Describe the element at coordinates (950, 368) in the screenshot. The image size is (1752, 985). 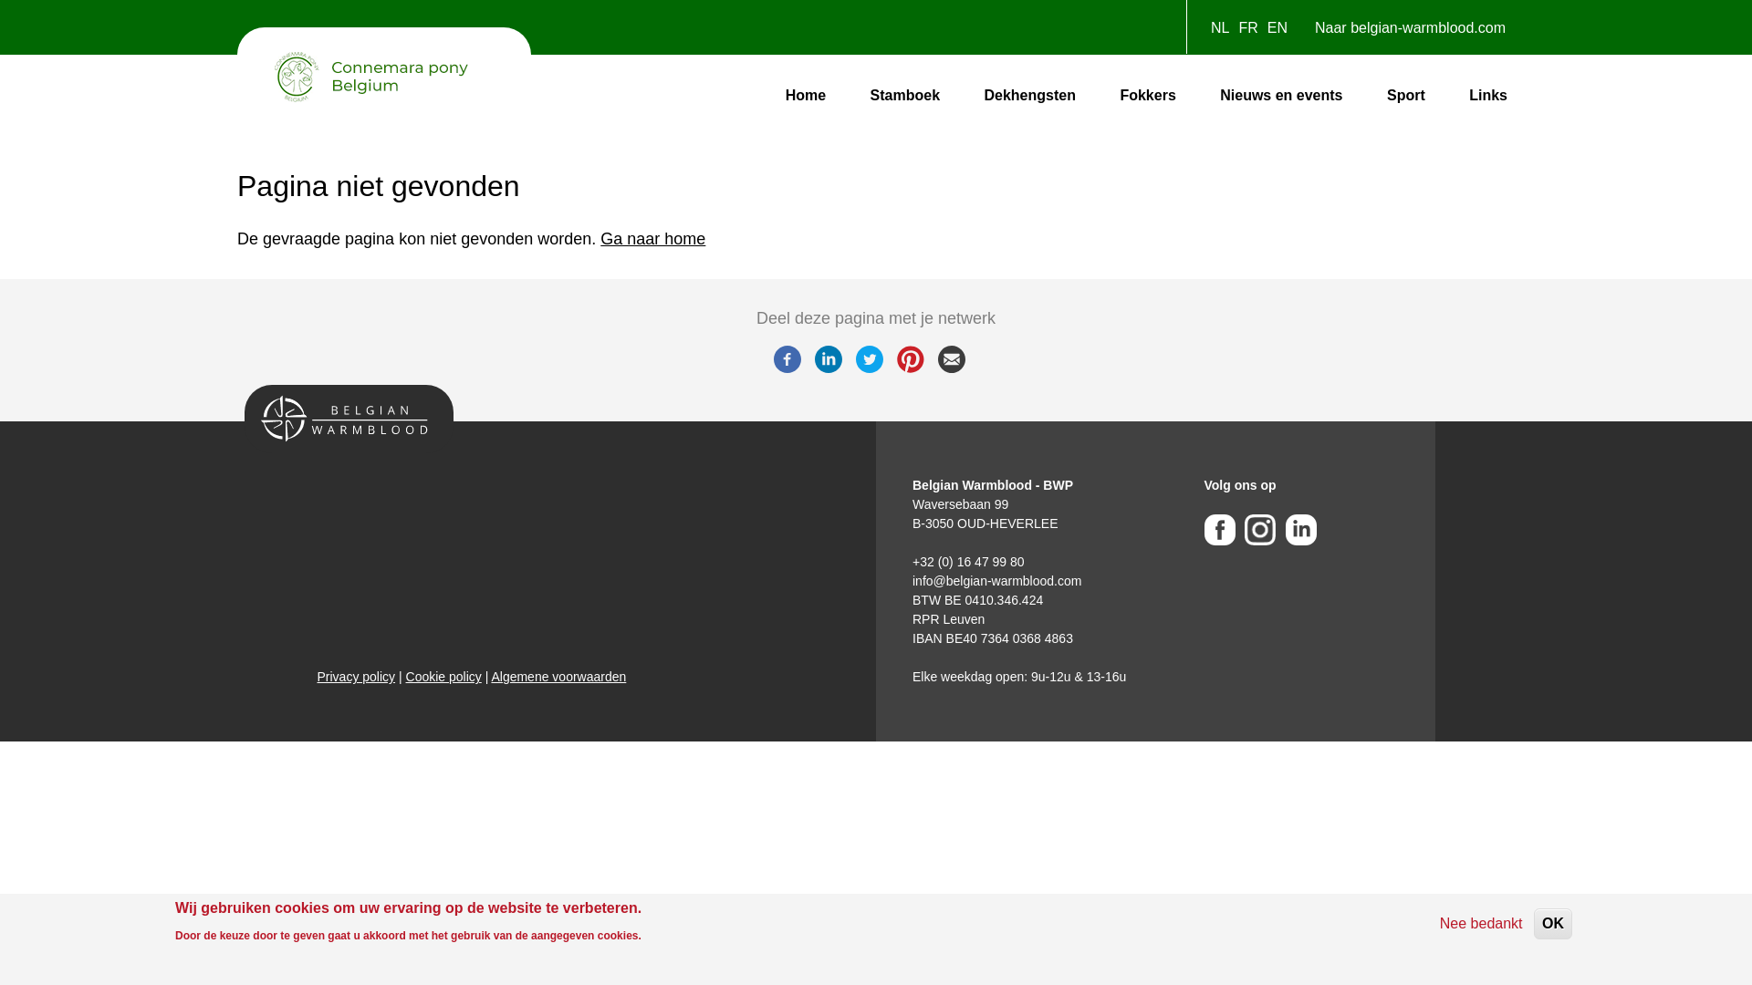
I see `'Email'` at that location.